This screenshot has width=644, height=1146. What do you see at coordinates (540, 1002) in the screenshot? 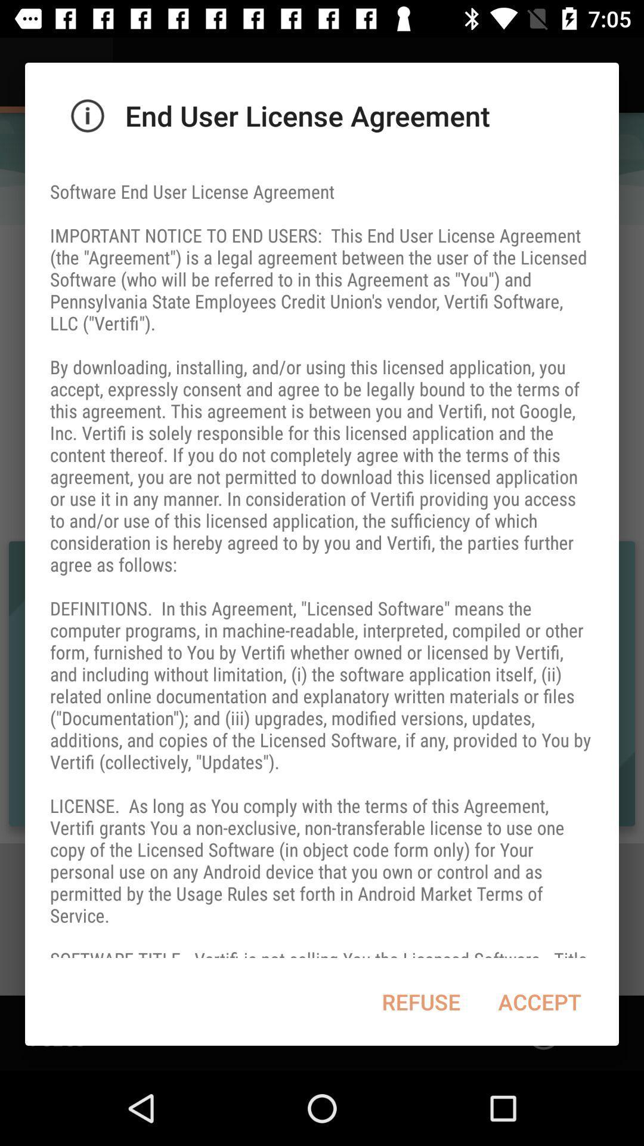
I see `the item below the software end user icon` at bounding box center [540, 1002].